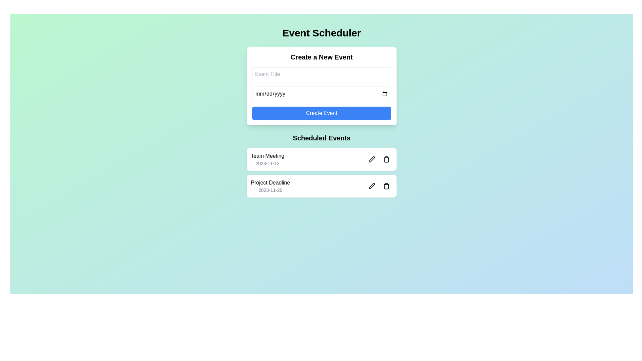  I want to click on the 'Create Event' button, which is the third button under the 'Create a New Event' section, so click(321, 113).